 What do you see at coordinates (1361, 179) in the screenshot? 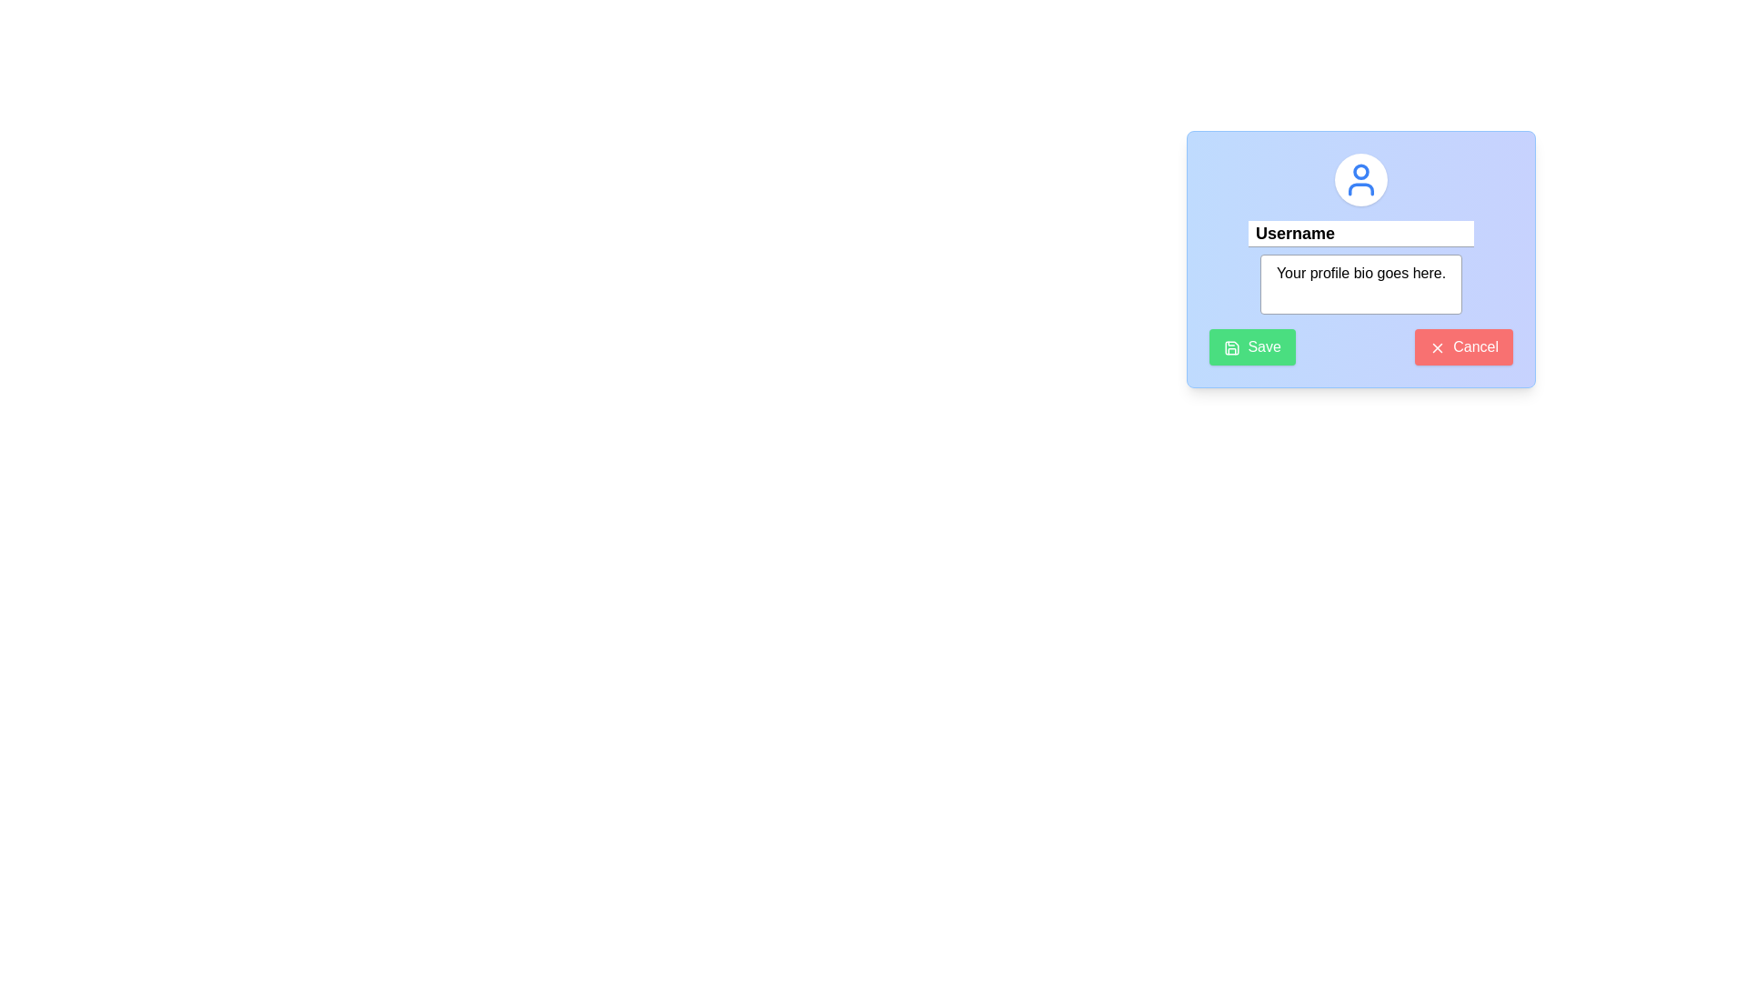
I see `the user profile static icon located at the top center of the form interface, directly above the 'Username' text field` at bounding box center [1361, 179].